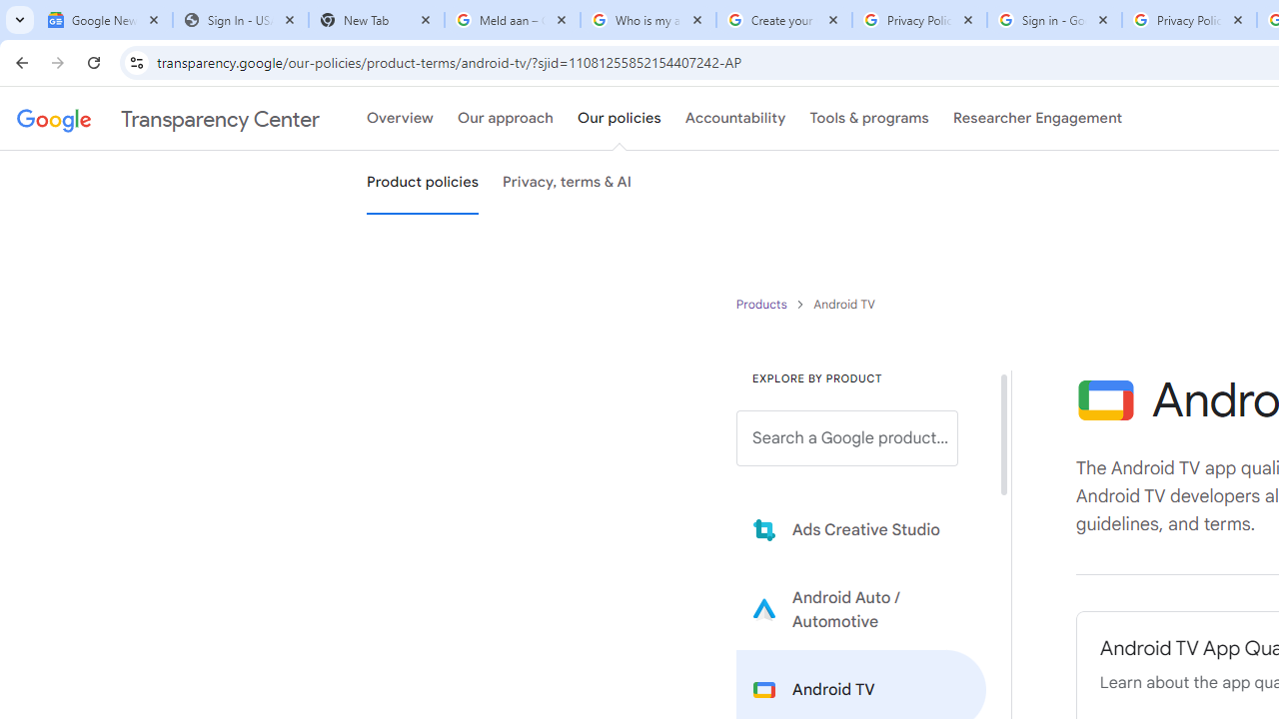 Image resolution: width=1279 pixels, height=719 pixels. I want to click on 'Learn more about Android Auto', so click(861, 608).